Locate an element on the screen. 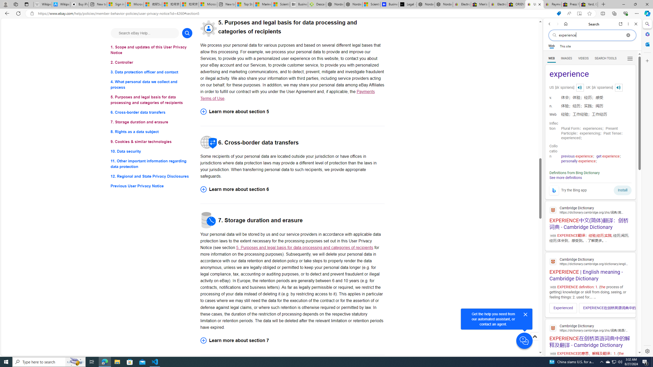  '2. Controller' is located at coordinates (151, 62).